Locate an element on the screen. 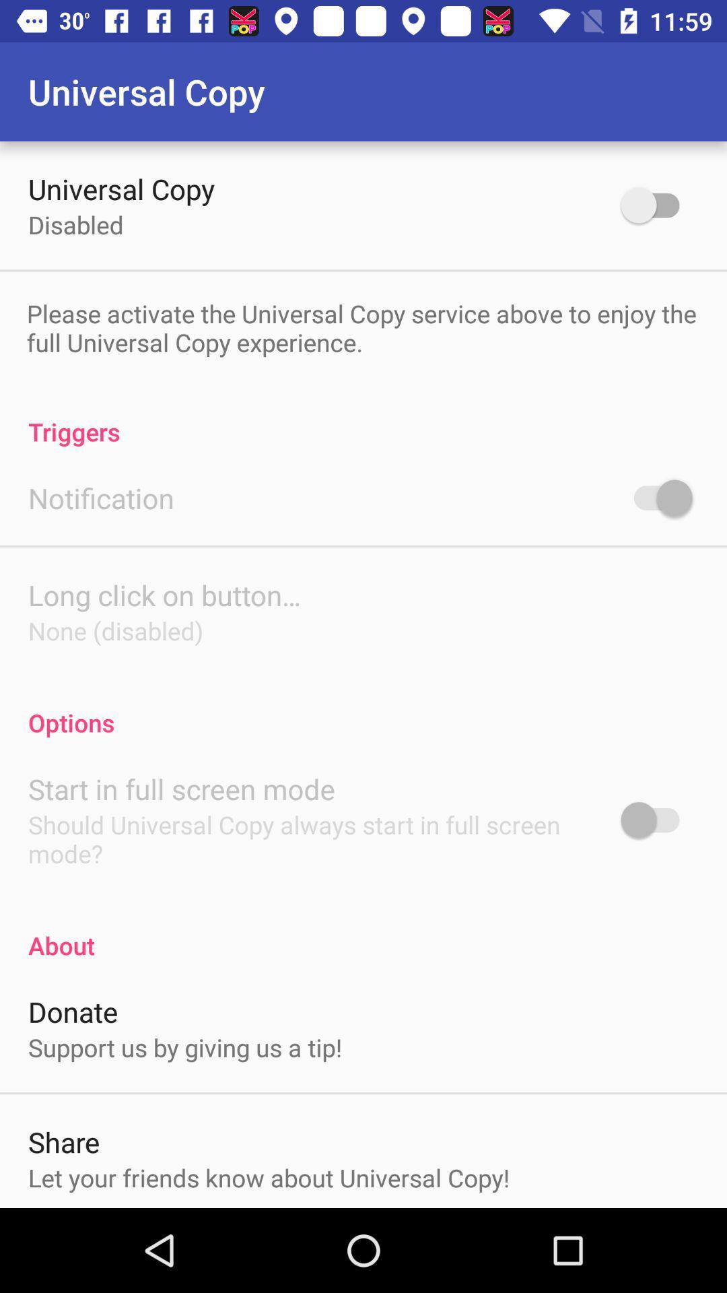  icon below share icon is located at coordinates (269, 1176).